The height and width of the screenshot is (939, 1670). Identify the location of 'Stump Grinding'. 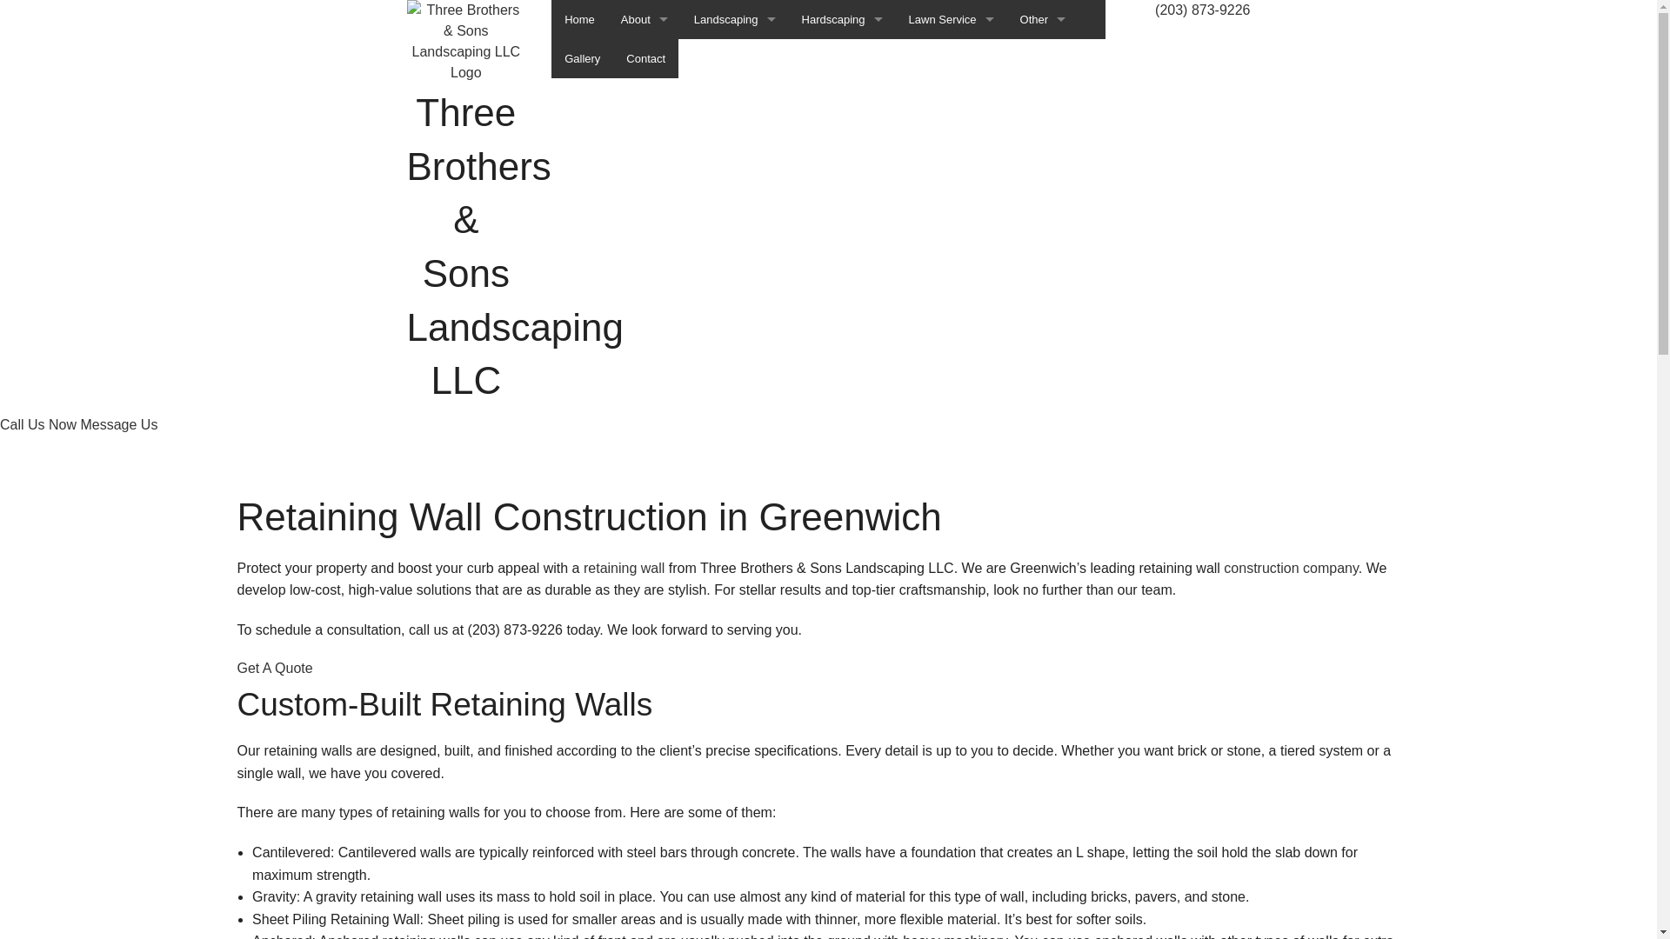
(1043, 292).